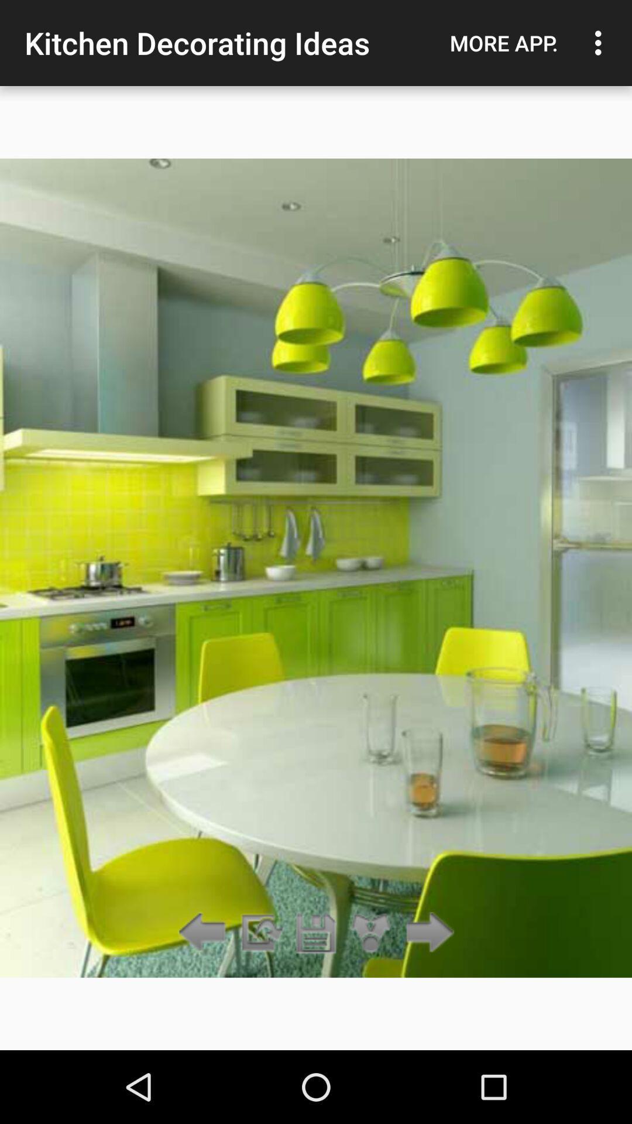 This screenshot has height=1124, width=632. I want to click on the share icon, so click(371, 933).